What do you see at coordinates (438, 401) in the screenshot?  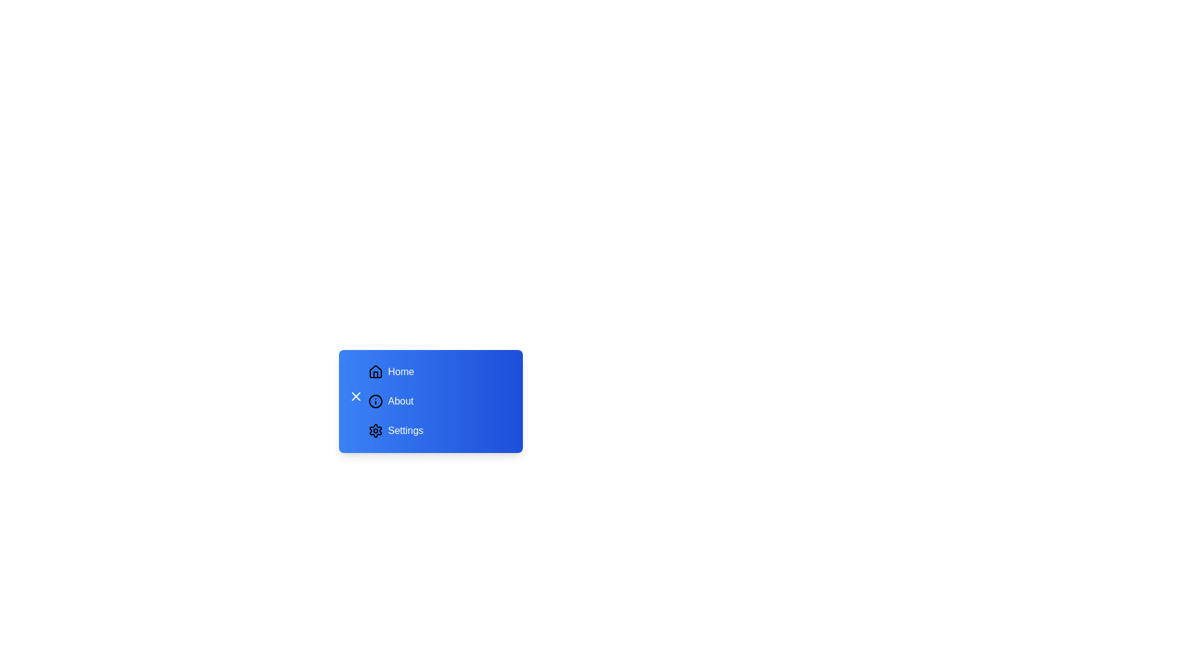 I see `the menu item About to trigger its hover effect` at bounding box center [438, 401].